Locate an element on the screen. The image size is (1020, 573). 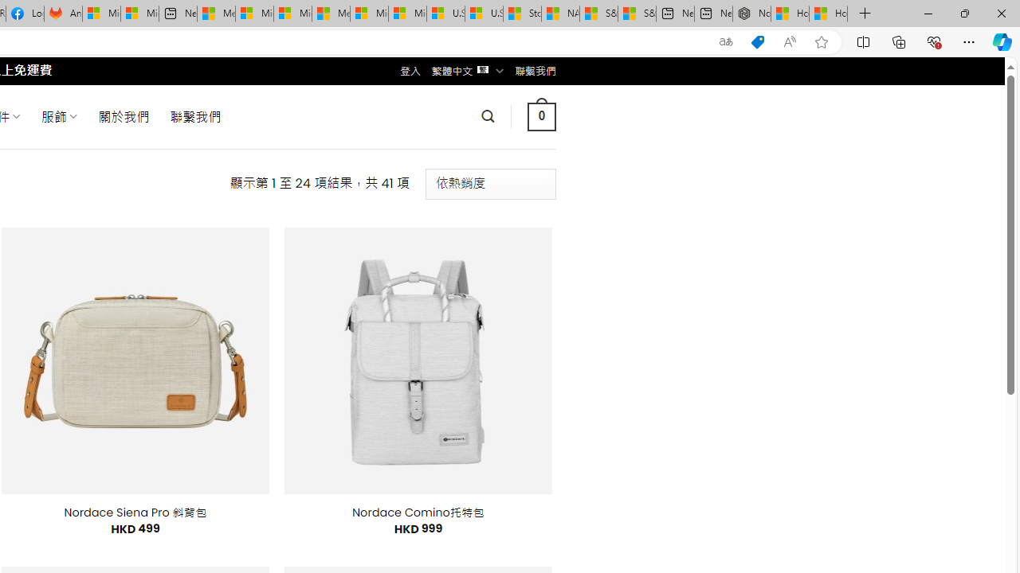
'How to Use a Monitor With Your Closed Laptop' is located at coordinates (829, 14).